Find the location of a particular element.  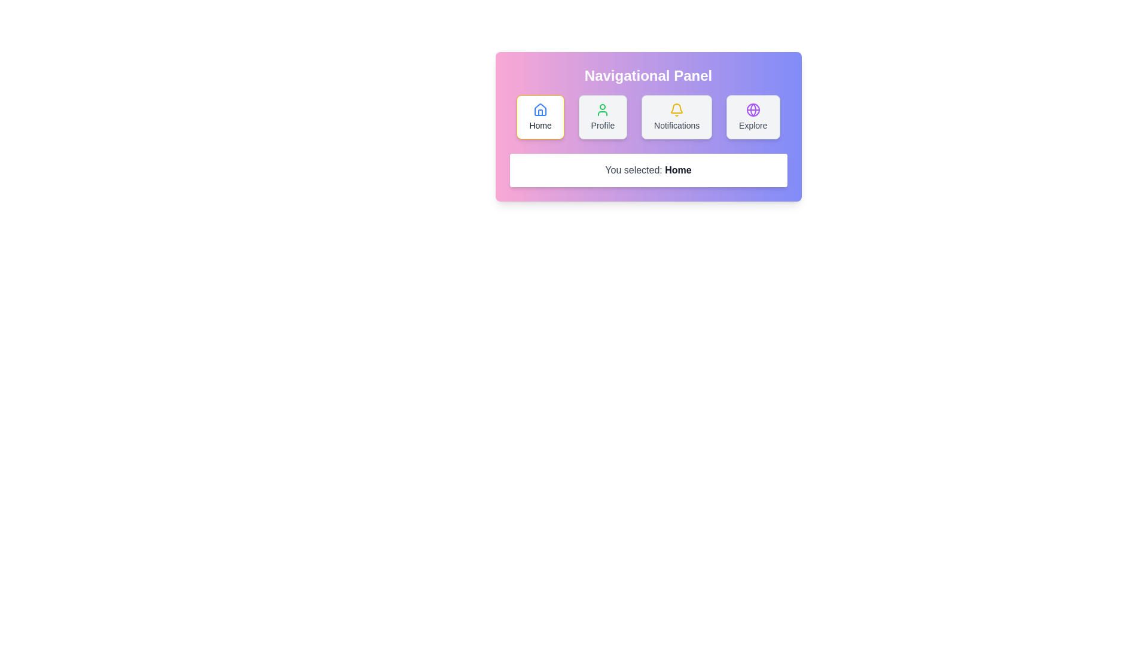

text of the notification label located centrally below the bell icon in the notification section of the panel is located at coordinates (677, 125).